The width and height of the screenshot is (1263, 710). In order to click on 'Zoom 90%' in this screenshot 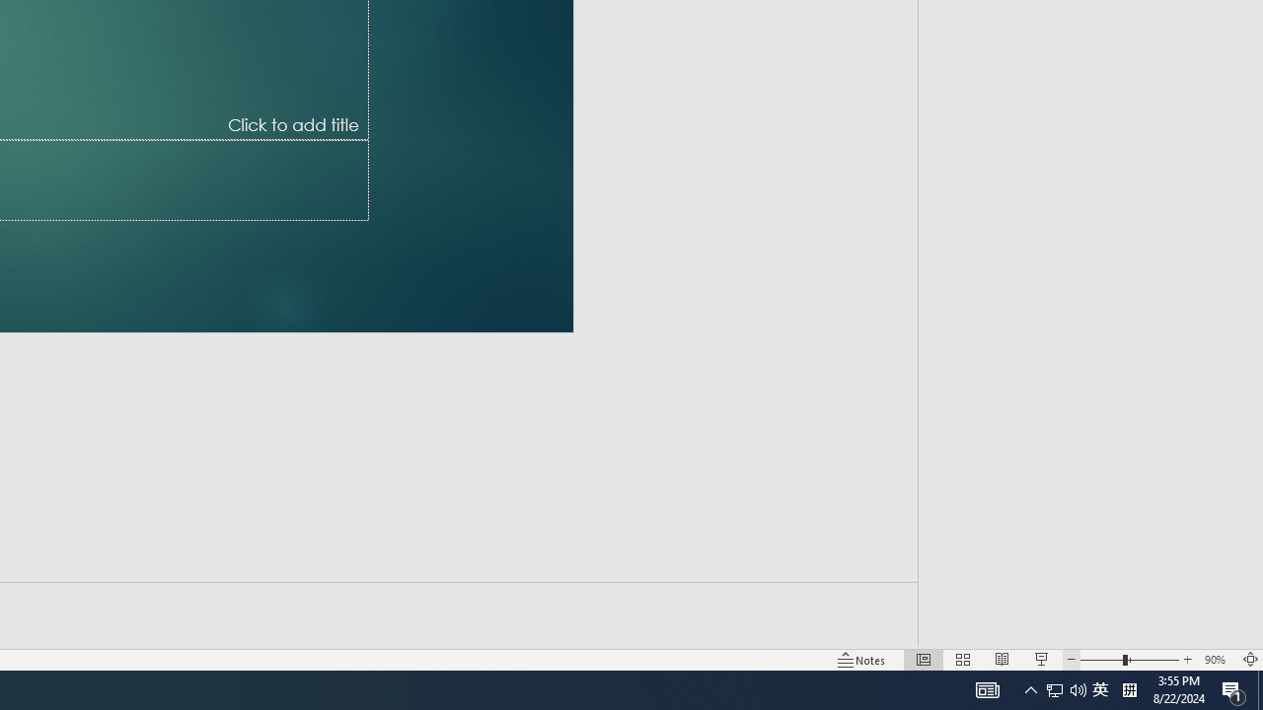, I will do `click(1217, 660)`.